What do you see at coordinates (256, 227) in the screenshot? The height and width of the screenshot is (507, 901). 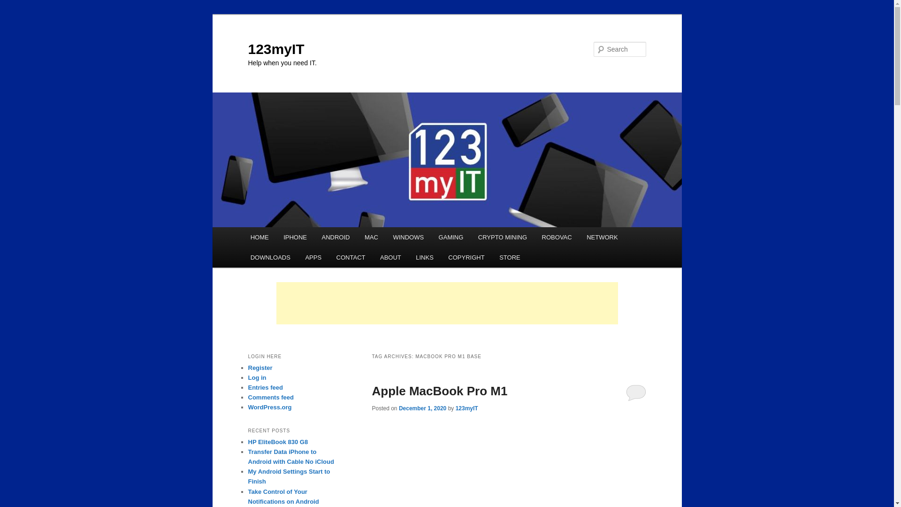 I see `'Skip to primary content'` at bounding box center [256, 227].